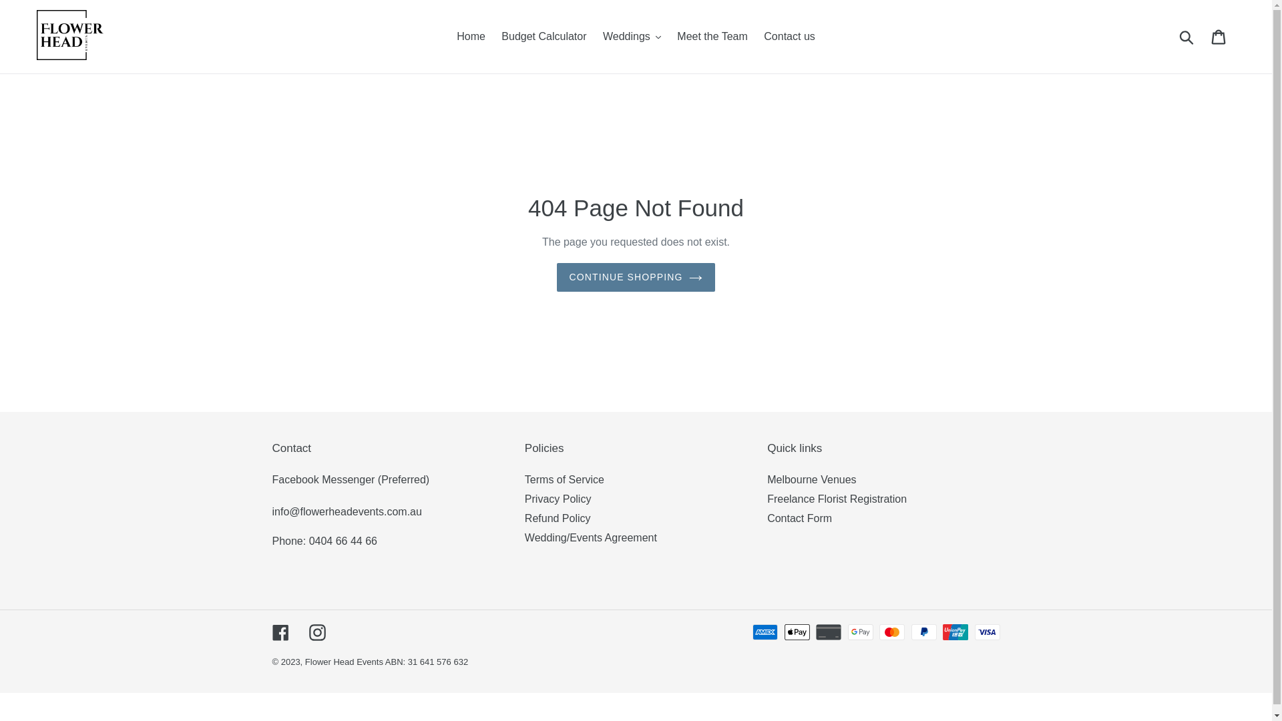  Describe the element at coordinates (811, 479) in the screenshot. I see `'Melbourne Venues'` at that location.